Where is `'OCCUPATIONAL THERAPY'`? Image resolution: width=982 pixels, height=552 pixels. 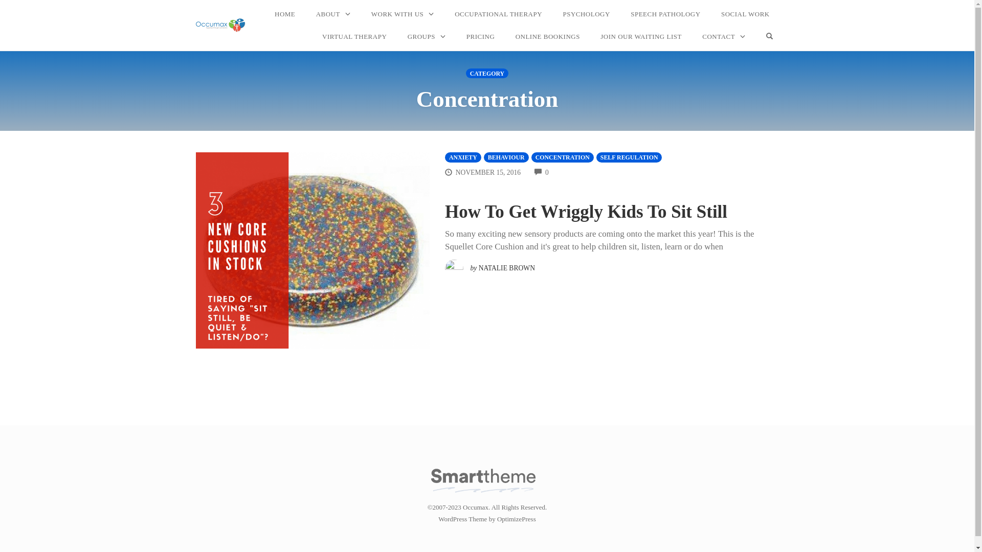 'OCCUPATIONAL THERAPY' is located at coordinates (498, 14).